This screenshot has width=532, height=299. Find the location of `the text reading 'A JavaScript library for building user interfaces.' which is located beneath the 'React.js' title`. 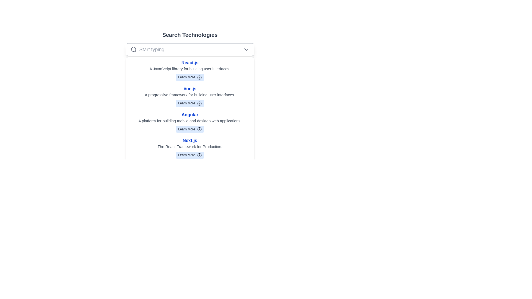

the text reading 'A JavaScript library for building user interfaces.' which is located beneath the 'React.js' title is located at coordinates (190, 69).